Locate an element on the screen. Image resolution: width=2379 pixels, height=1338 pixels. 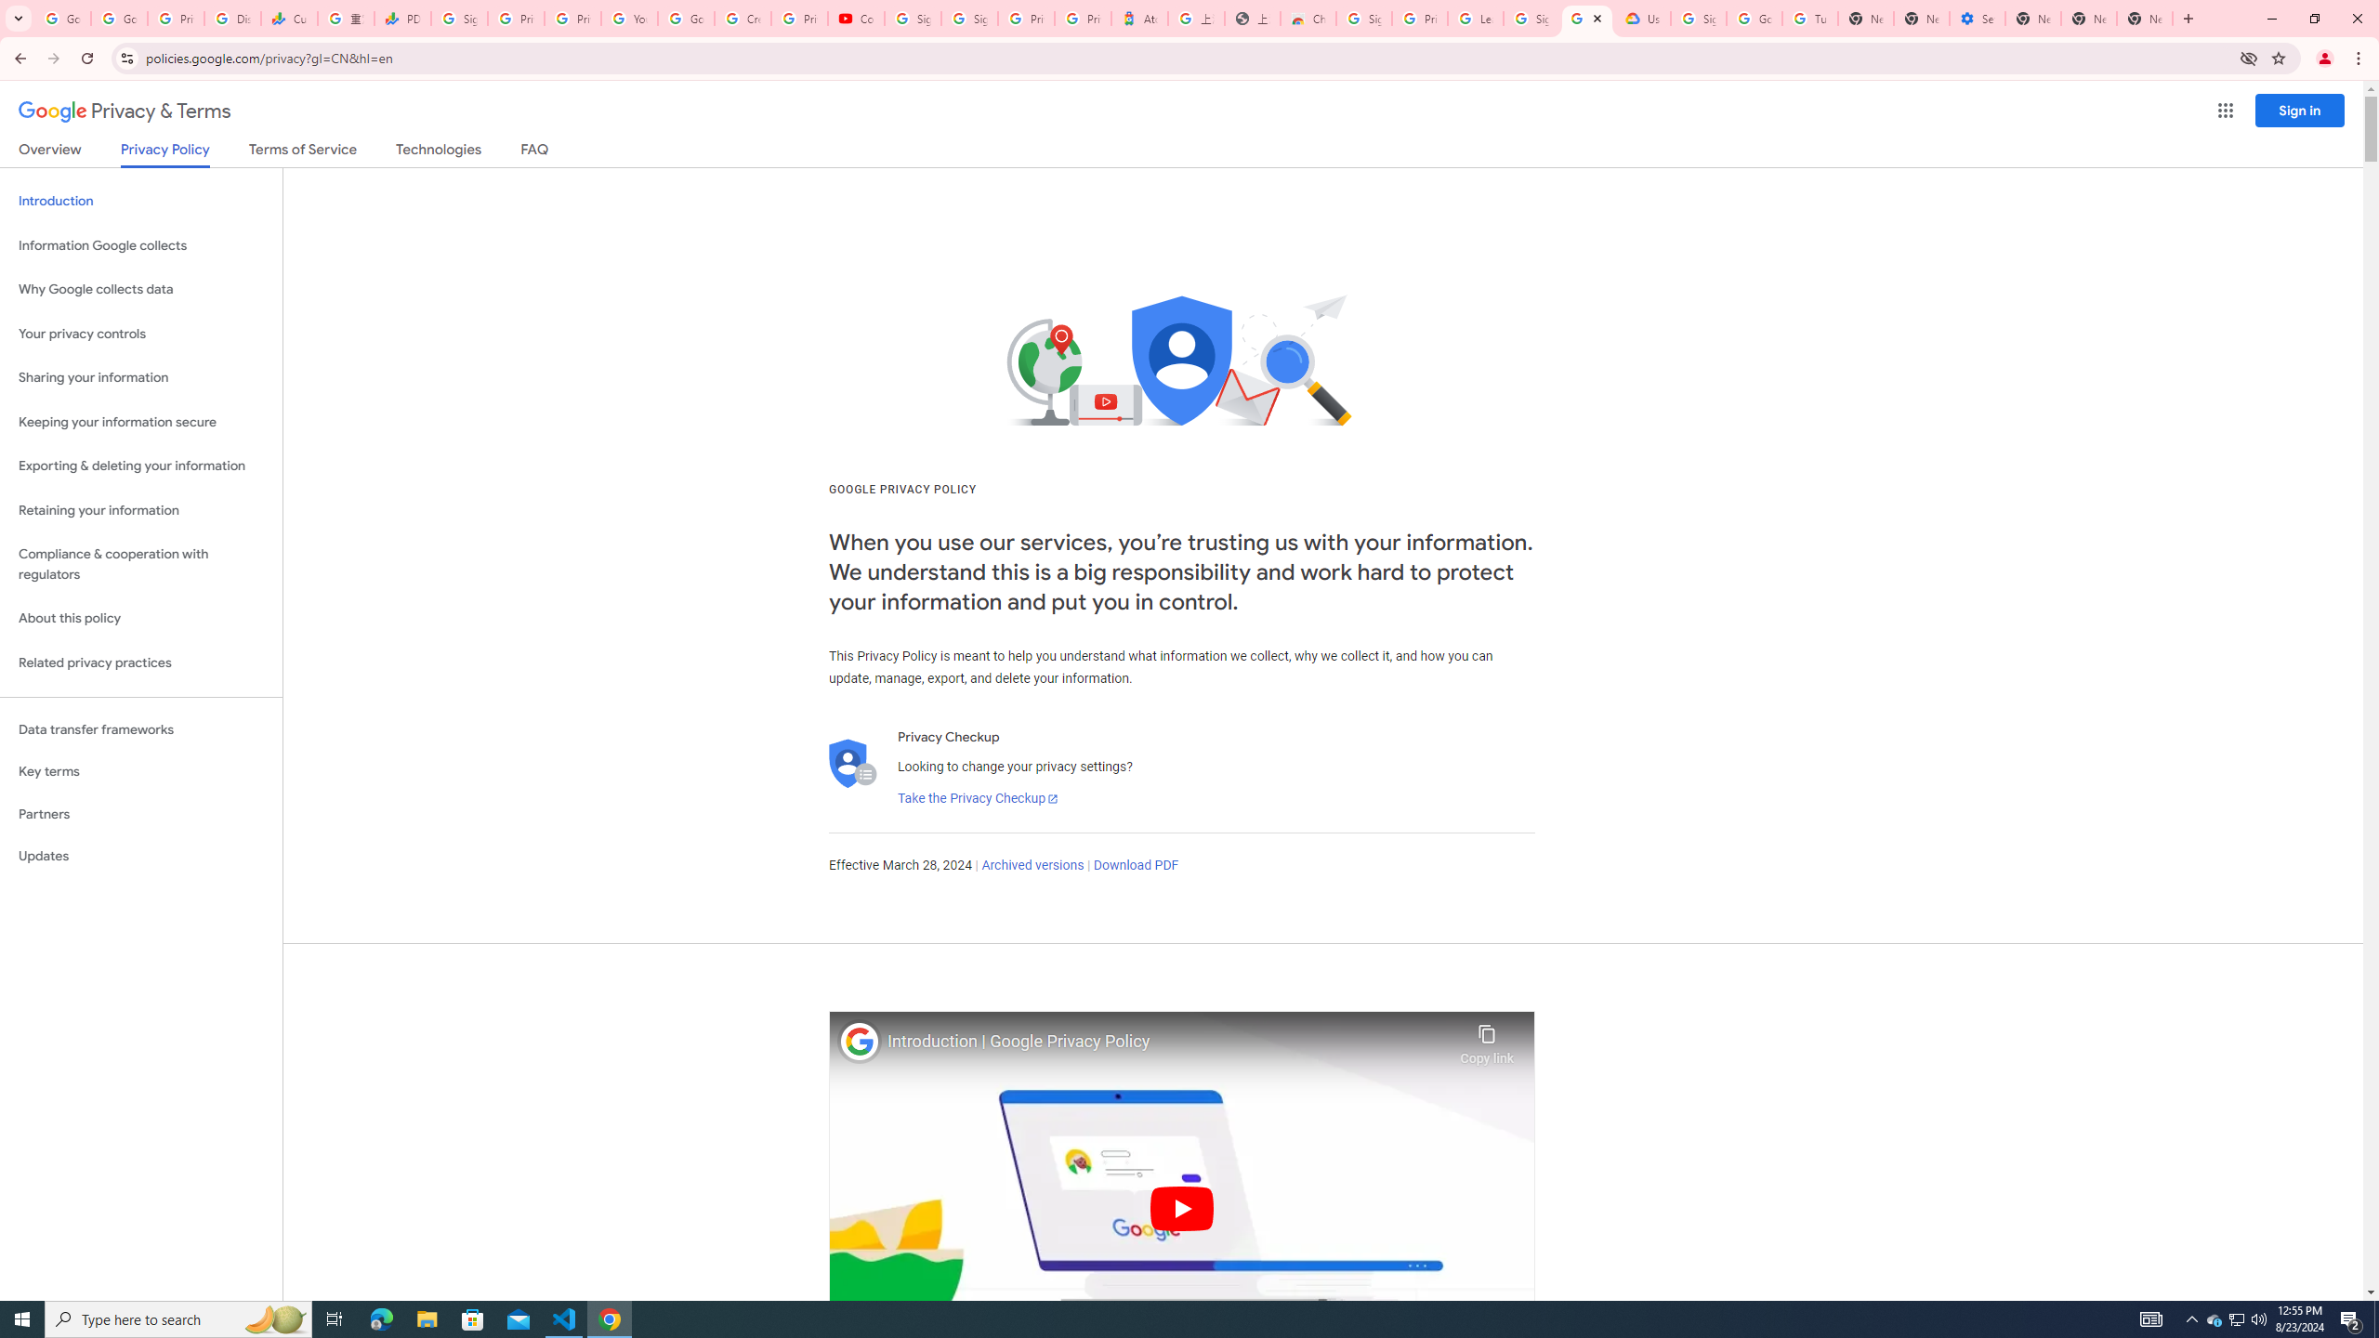
'Download PDF' is located at coordinates (1136, 864).